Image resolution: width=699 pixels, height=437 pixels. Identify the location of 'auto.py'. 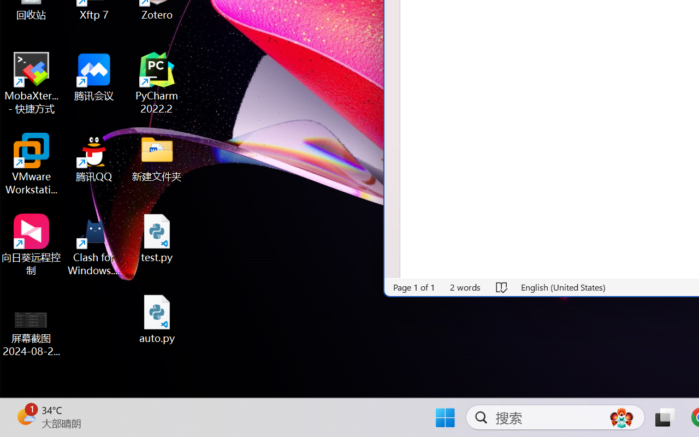
(157, 318).